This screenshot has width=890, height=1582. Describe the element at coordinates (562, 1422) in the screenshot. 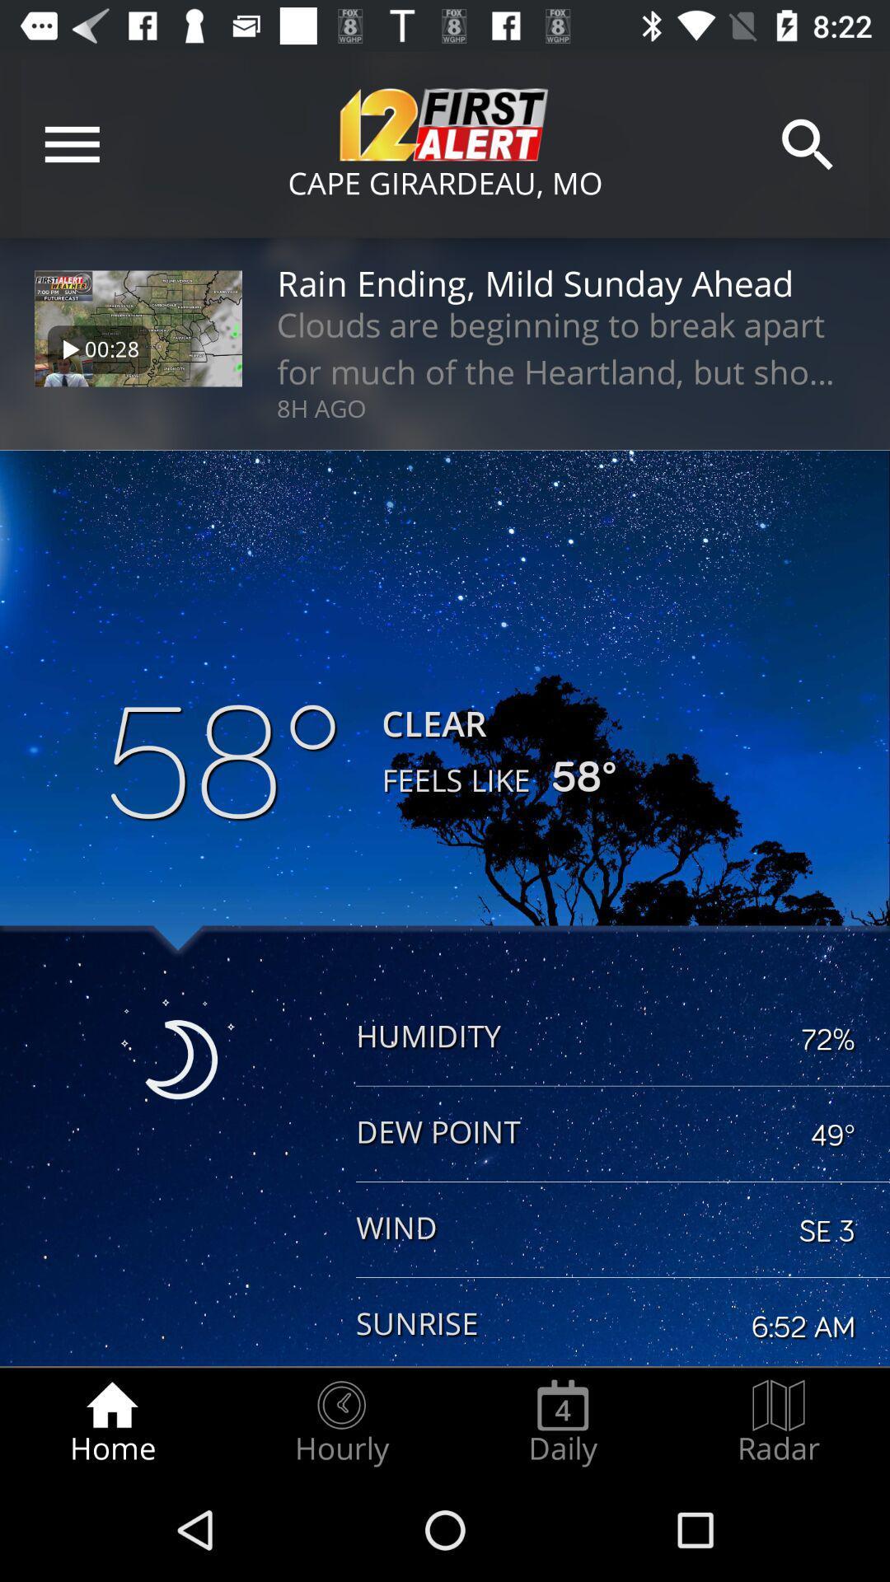

I see `the daily item` at that location.